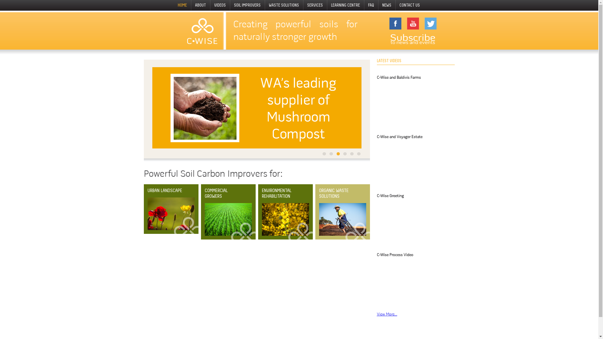  Describe the element at coordinates (410, 5) in the screenshot. I see `'CONTACT US'` at that location.